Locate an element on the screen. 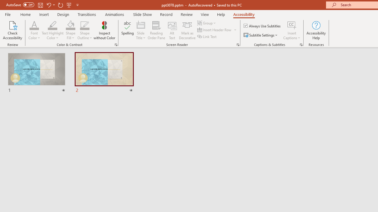  'Insert Header Row' is located at coordinates (217, 30).